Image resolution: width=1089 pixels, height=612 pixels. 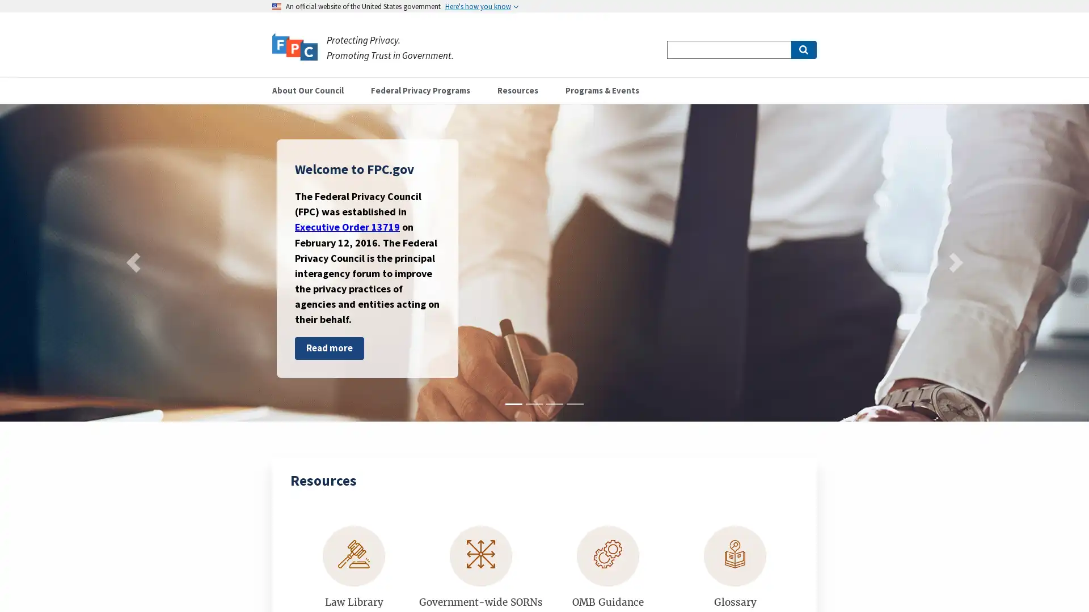 What do you see at coordinates (803, 49) in the screenshot?
I see `Search` at bounding box center [803, 49].